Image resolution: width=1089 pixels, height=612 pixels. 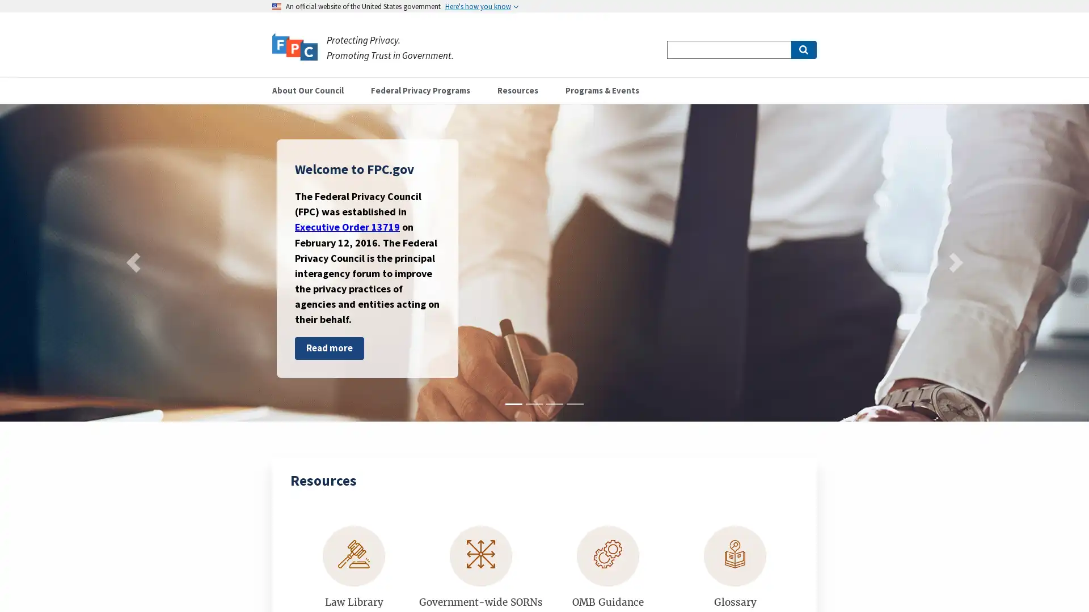 What do you see at coordinates (803, 49) in the screenshot?
I see `Search` at bounding box center [803, 49].